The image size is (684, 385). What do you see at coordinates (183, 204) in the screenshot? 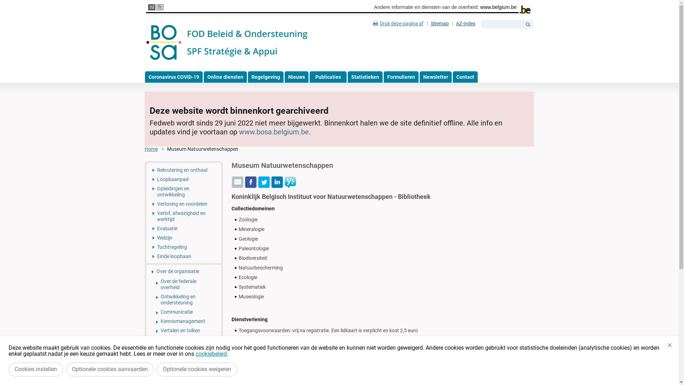
I see `'Verloning en voordelen'` at bounding box center [183, 204].